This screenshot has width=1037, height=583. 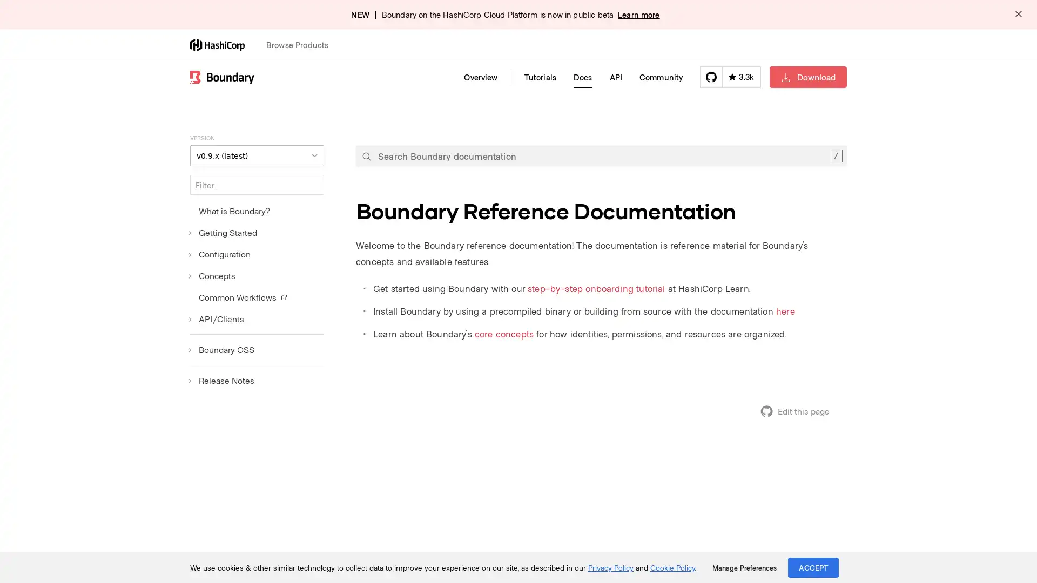 What do you see at coordinates (366, 156) in the screenshot?
I see `Submit your search query.` at bounding box center [366, 156].